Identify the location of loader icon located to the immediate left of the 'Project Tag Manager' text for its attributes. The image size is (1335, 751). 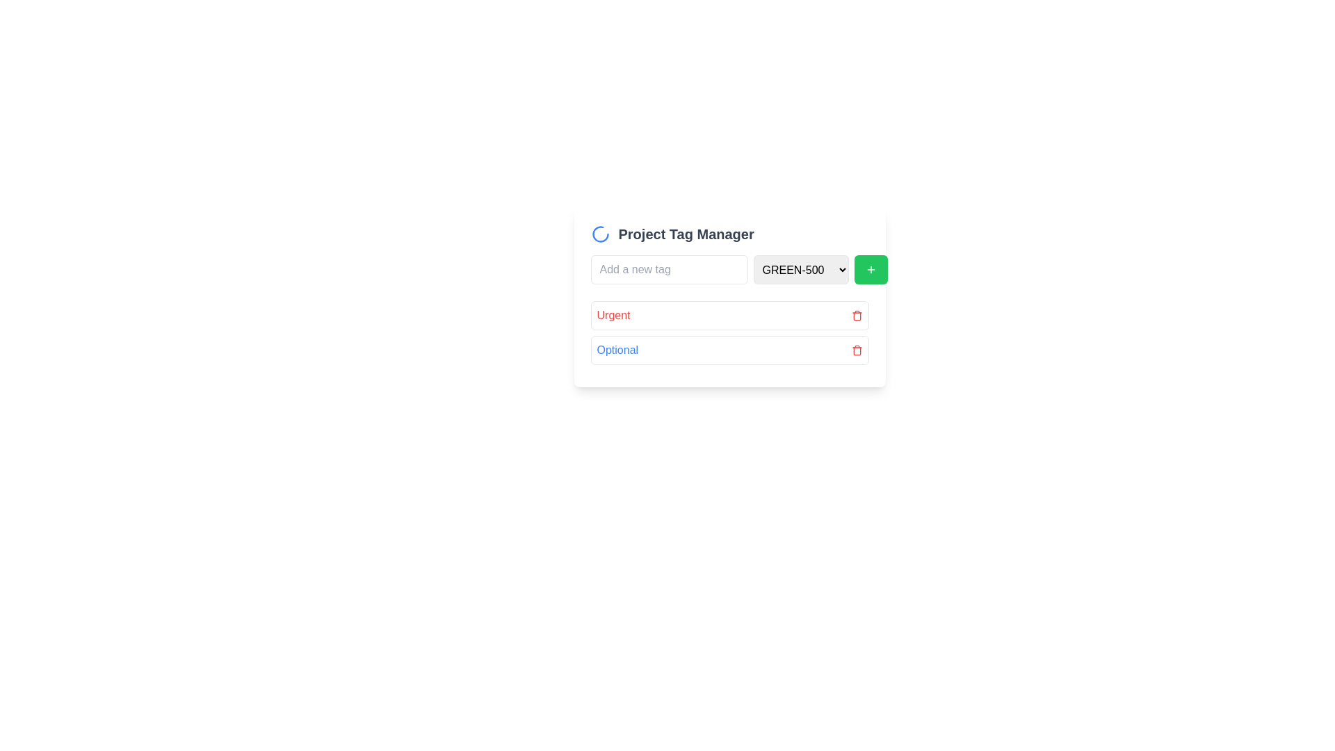
(600, 233).